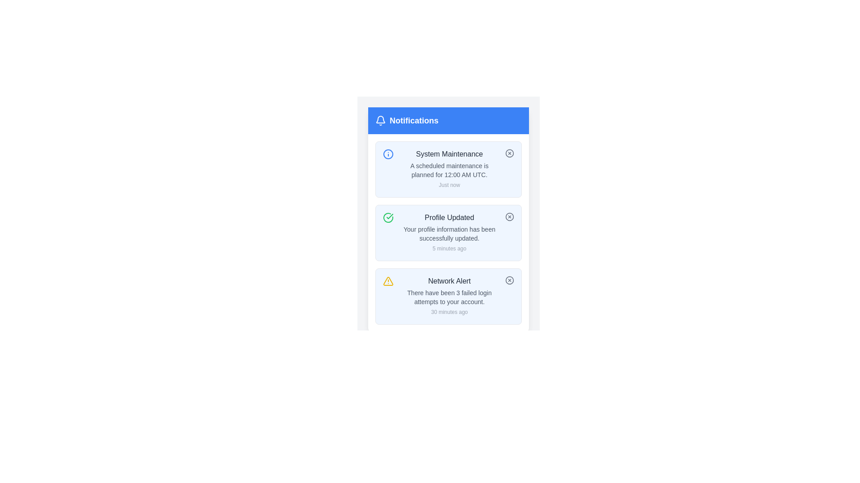  I want to click on the circular button with a cross mark, which is located at the top-right corner of the 'Network Alert' notification card, so click(509, 280).